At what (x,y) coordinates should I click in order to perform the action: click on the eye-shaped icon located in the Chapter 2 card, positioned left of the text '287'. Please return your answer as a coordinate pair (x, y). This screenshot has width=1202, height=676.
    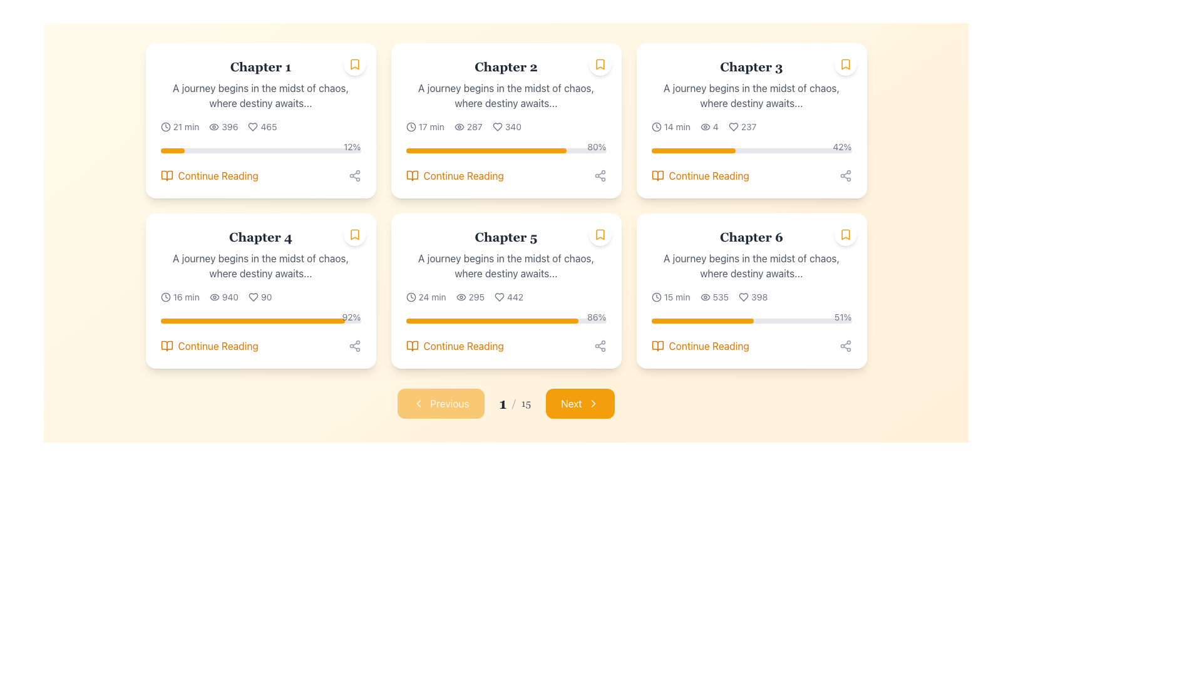
    Looking at the image, I should click on (458, 127).